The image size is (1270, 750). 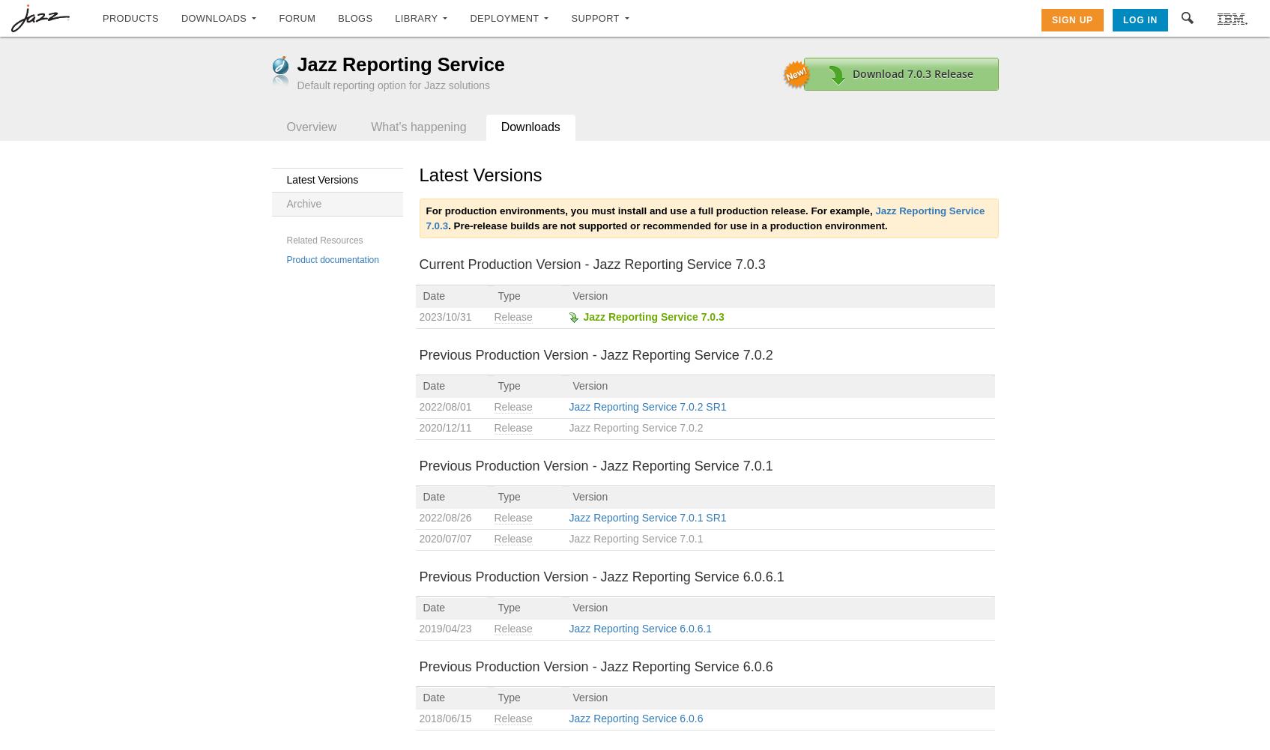 I want to click on '2020/12/11', so click(x=444, y=426).